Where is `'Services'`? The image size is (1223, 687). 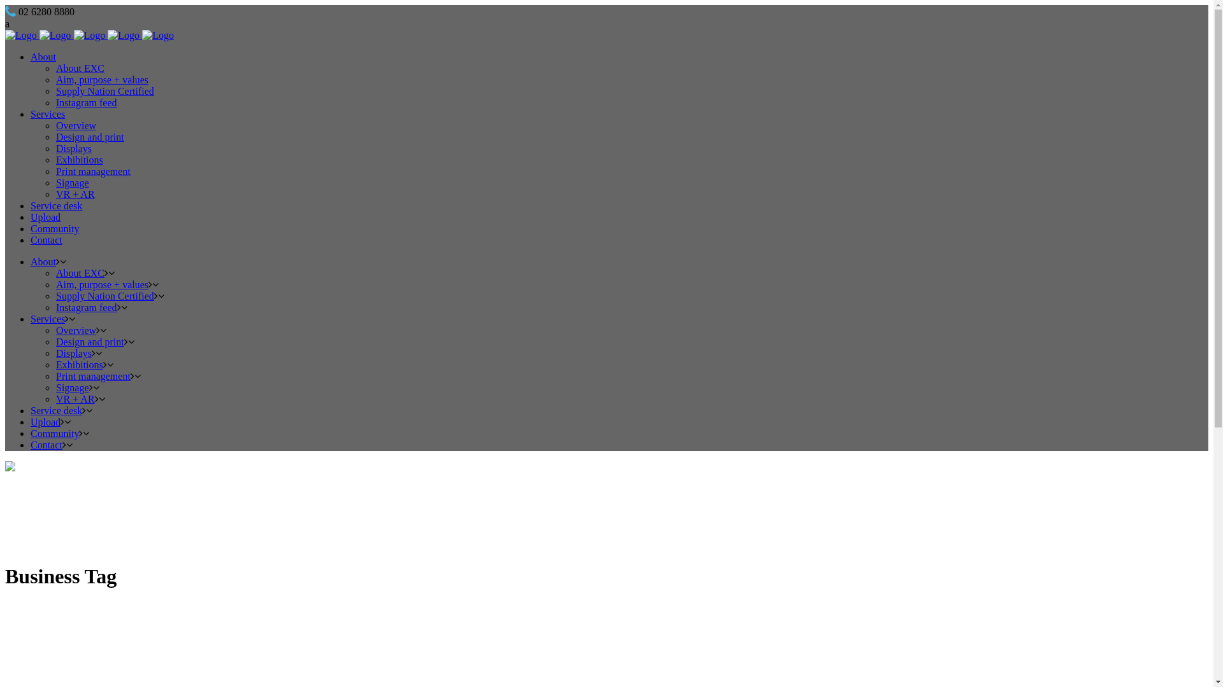
'Services' is located at coordinates (48, 318).